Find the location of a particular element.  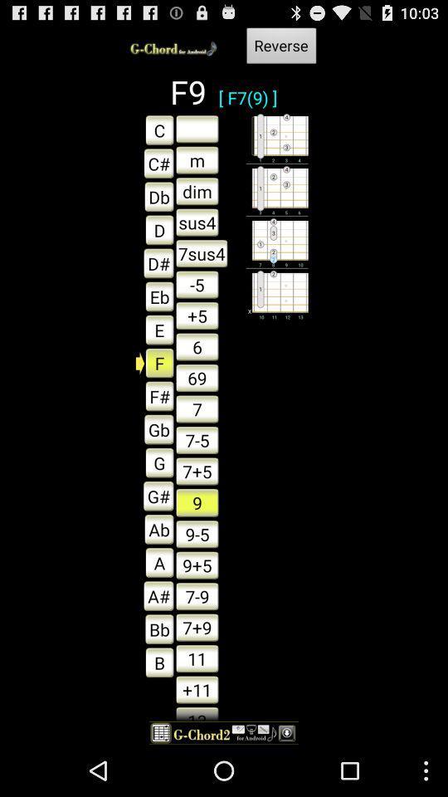

the item below +11 item is located at coordinates (197, 712).